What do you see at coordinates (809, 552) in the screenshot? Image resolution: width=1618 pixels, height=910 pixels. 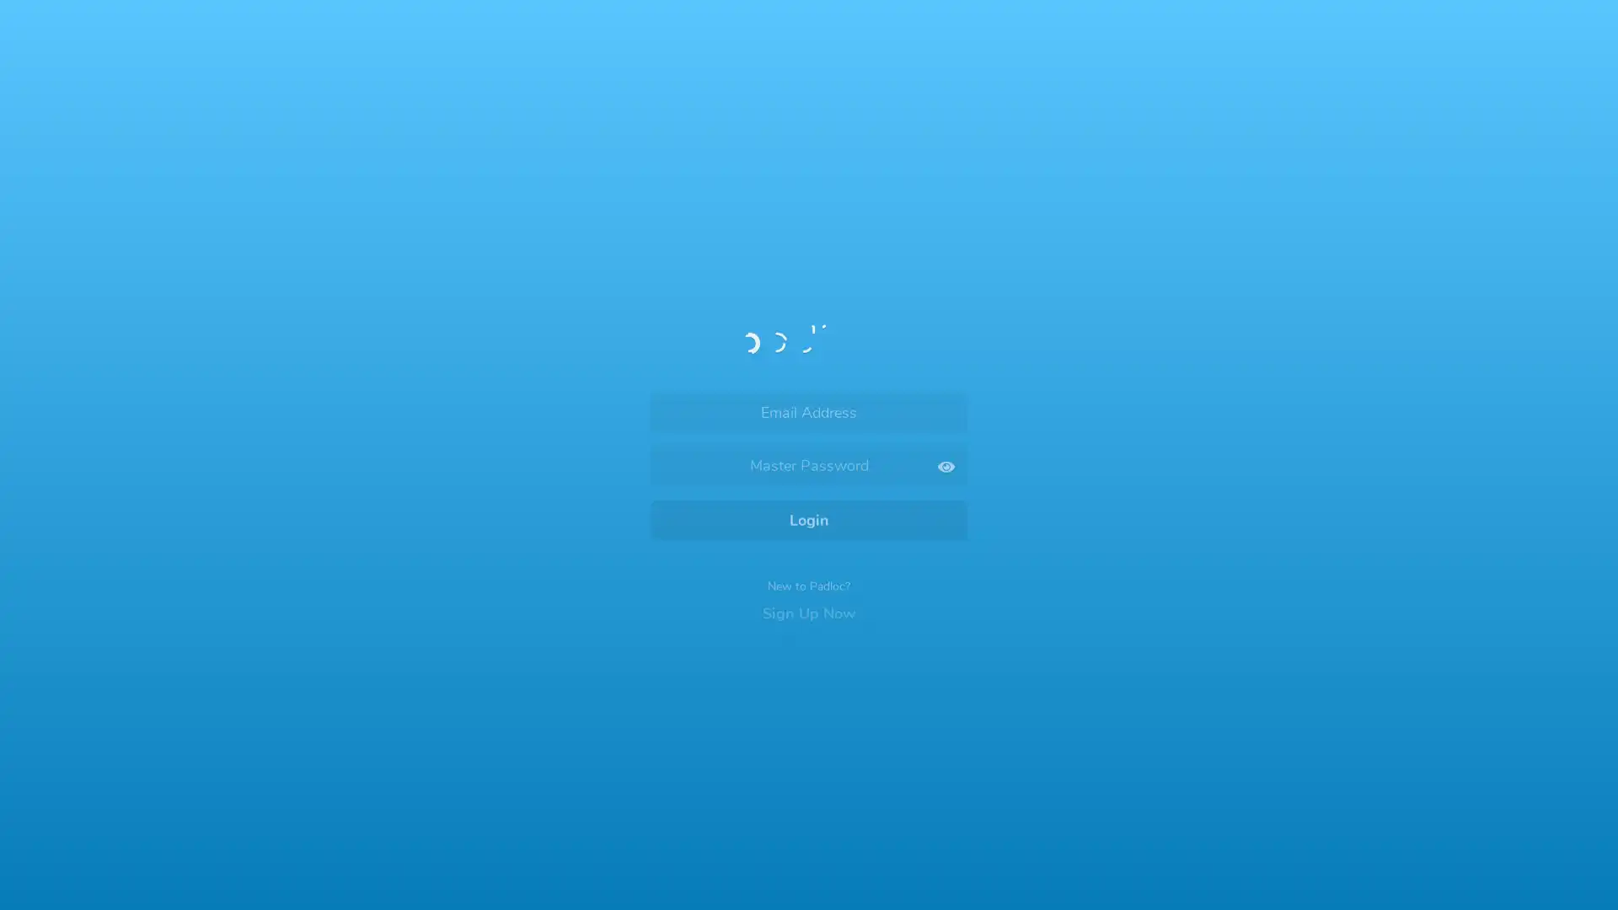 I see `Unlock` at bounding box center [809, 552].